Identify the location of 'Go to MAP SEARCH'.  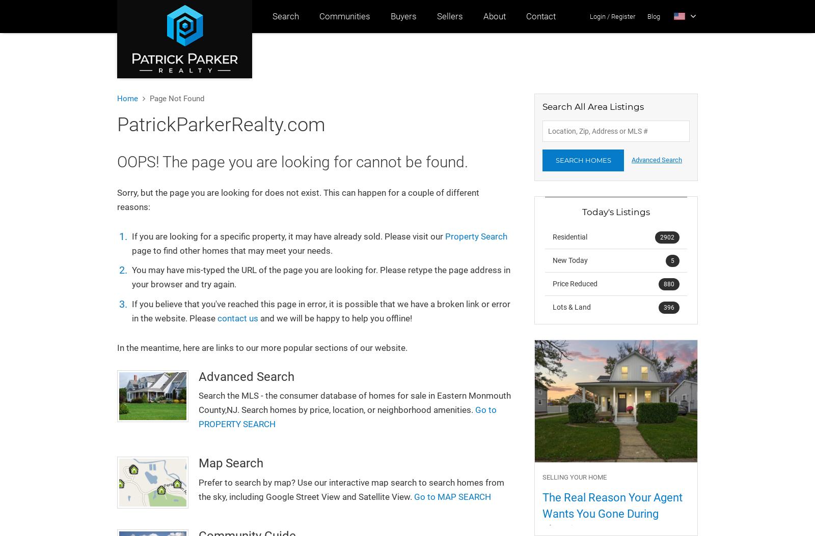
(452, 496).